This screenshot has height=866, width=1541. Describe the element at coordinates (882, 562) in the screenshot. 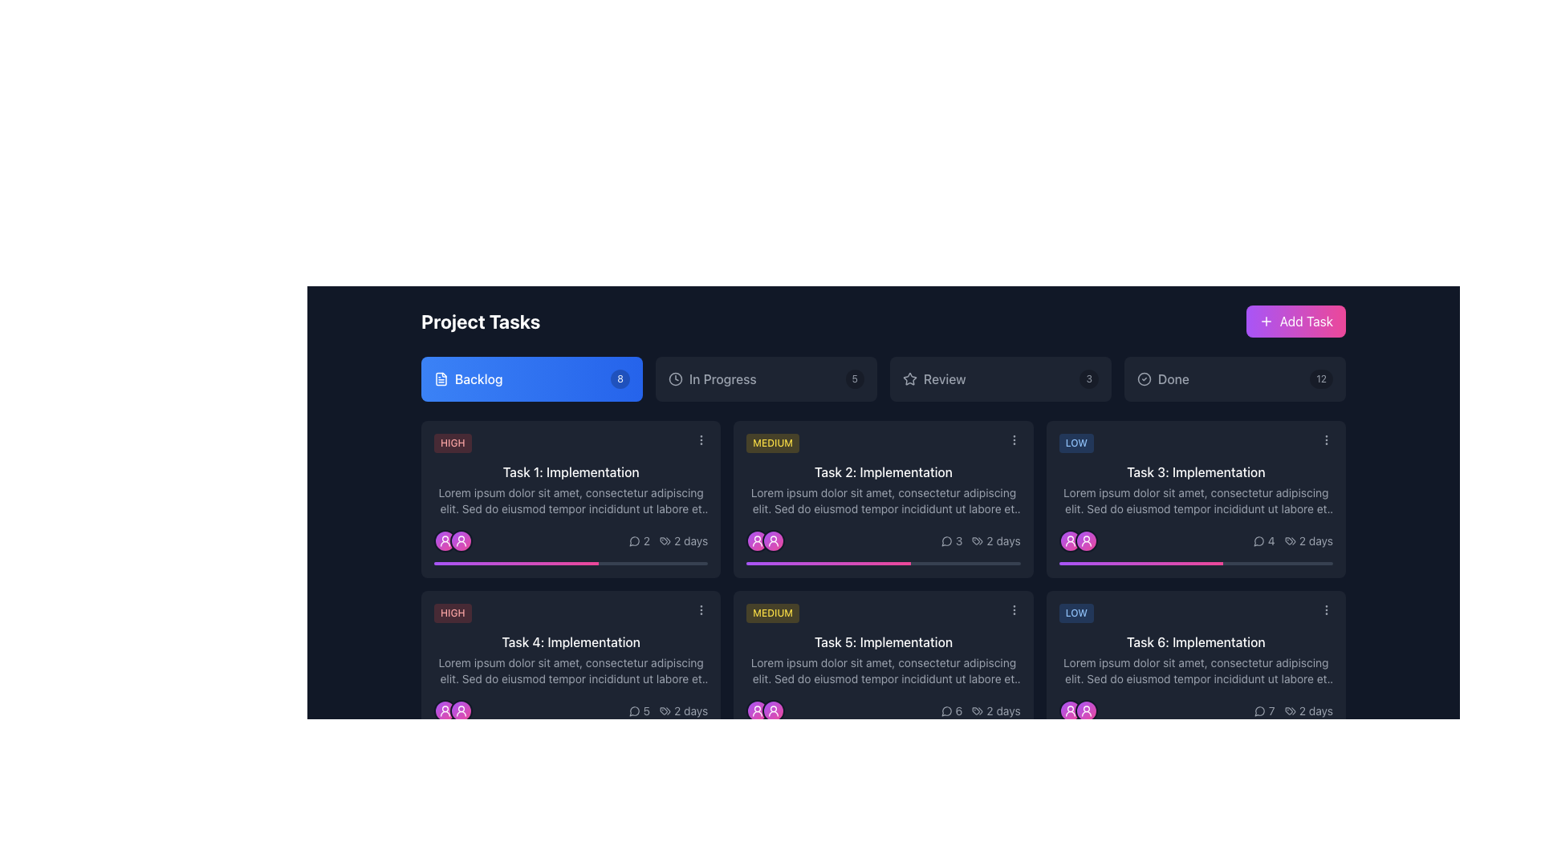

I see `the progress bar located at the bottom of the 'Task 2: Implementation' task card in the second column of the task board` at that location.